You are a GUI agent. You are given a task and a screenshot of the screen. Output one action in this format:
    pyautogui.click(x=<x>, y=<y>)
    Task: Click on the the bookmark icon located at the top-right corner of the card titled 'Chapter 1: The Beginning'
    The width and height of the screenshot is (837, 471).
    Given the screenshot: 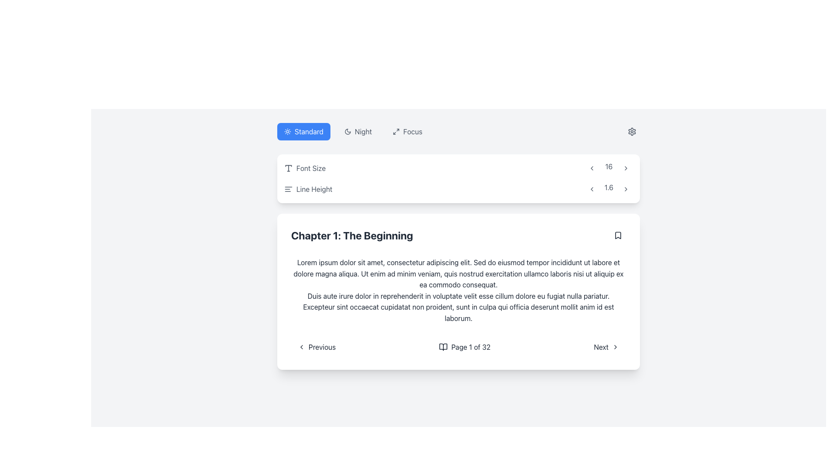 What is the action you would take?
    pyautogui.click(x=617, y=235)
    